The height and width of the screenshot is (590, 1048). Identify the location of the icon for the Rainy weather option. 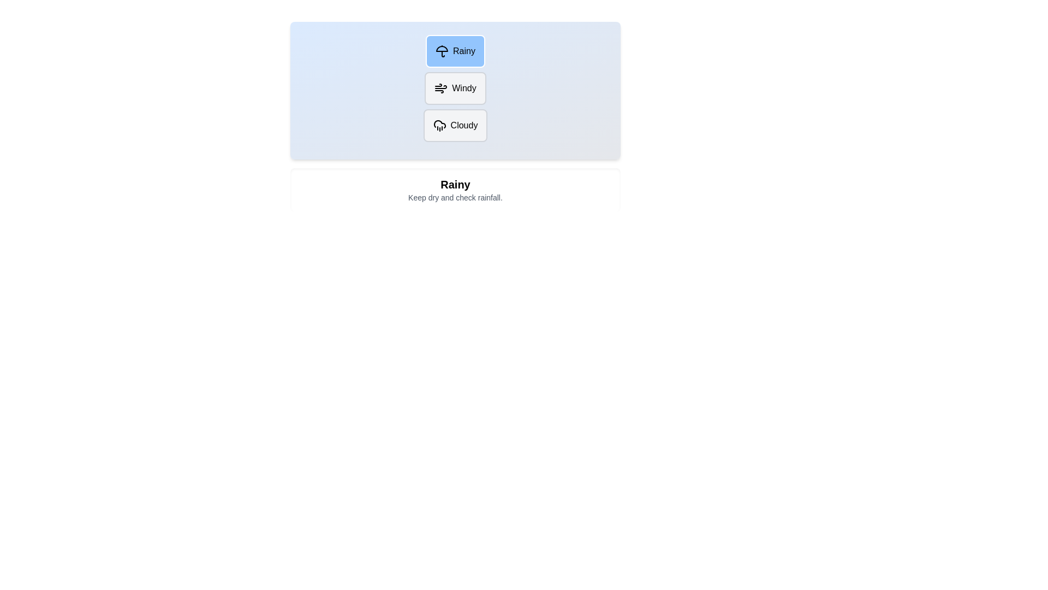
(442, 51).